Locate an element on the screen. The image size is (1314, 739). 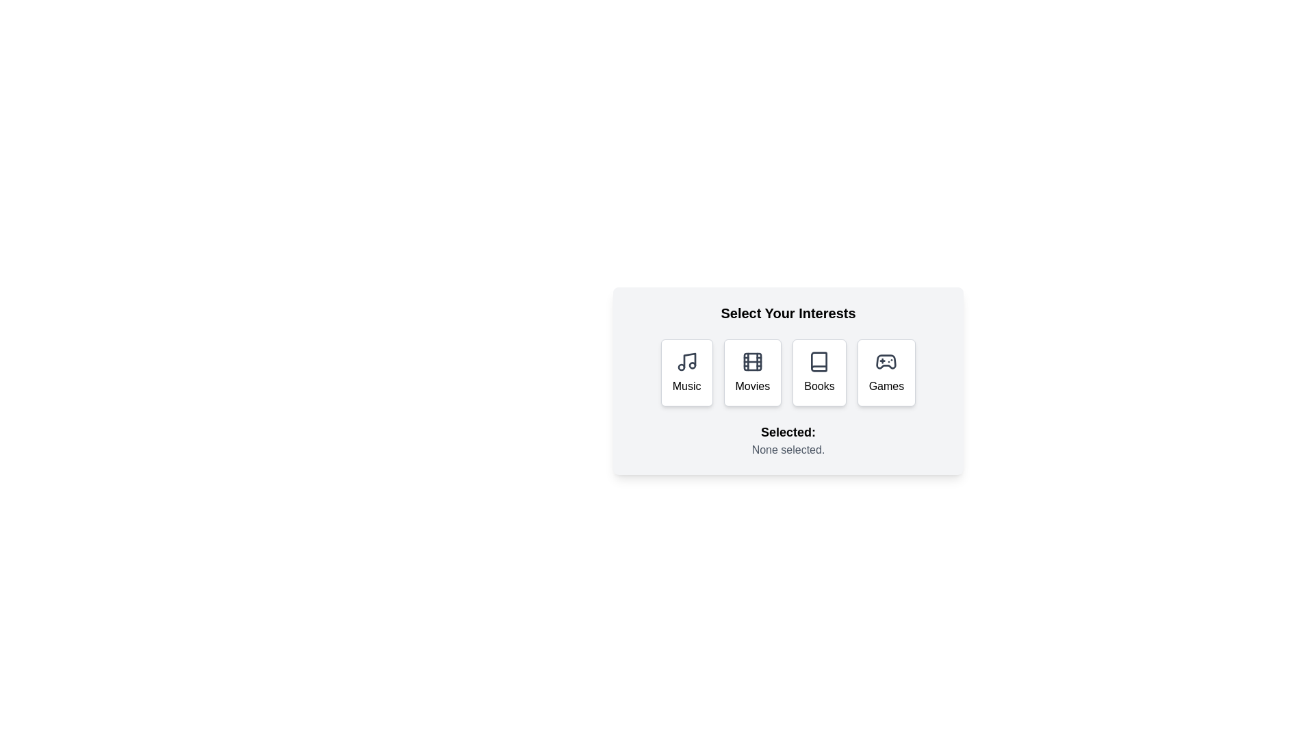
the button labeled 'Music' to observe its visual feedback is located at coordinates (686, 372).